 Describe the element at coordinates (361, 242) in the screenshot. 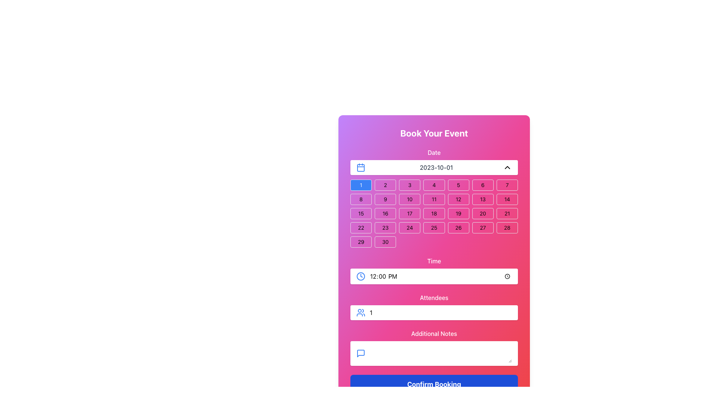

I see `the date selection button '29' in the calendar interface` at that location.